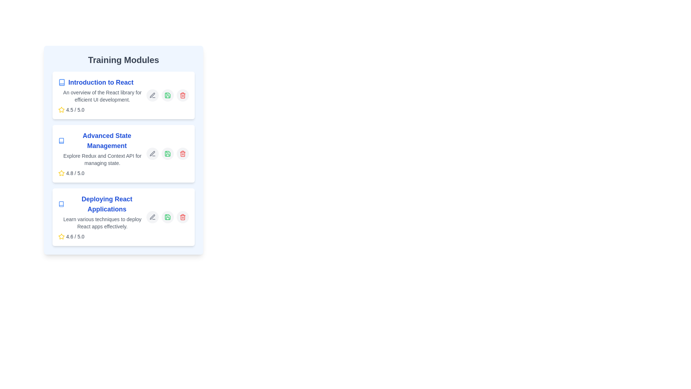 Image resolution: width=691 pixels, height=389 pixels. What do you see at coordinates (62, 82) in the screenshot?
I see `the icon representing the 'Introduction to React' section, located to the left of the text in the first training module box within the 'Training Modules' section` at bounding box center [62, 82].